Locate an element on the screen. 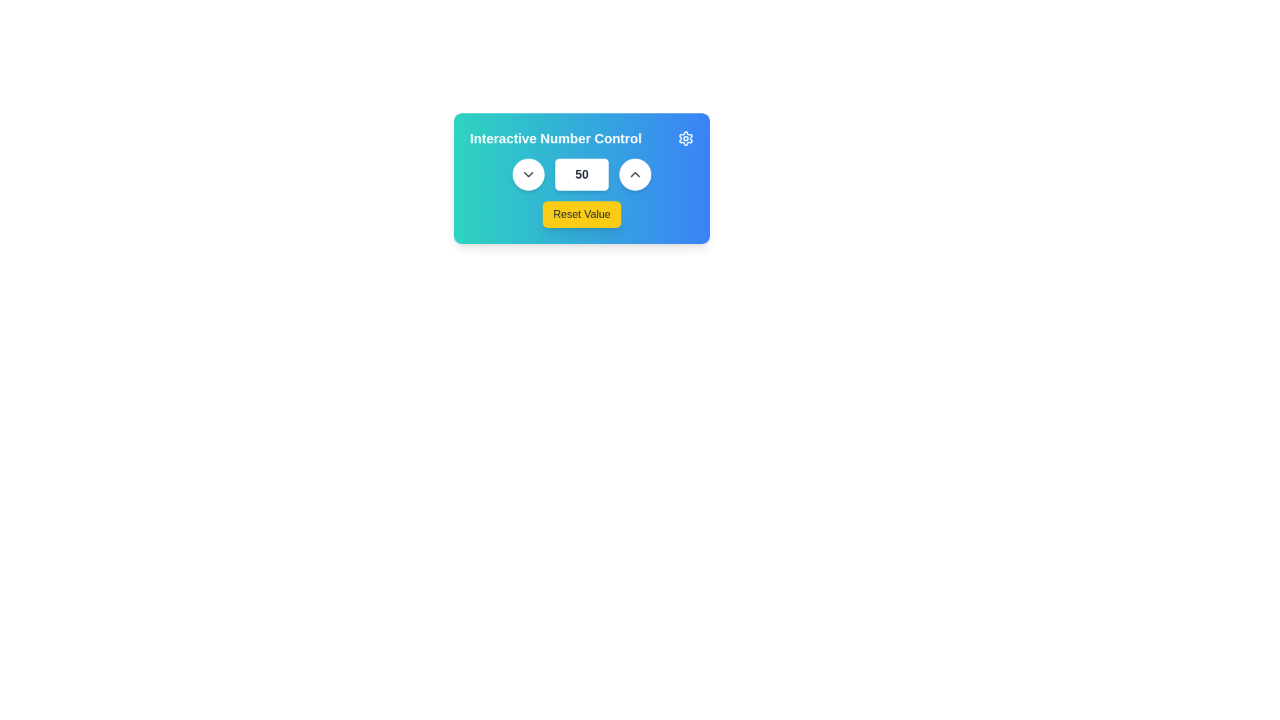  the icon button that expands or collapses the dropdown menu is located at coordinates (527, 174).